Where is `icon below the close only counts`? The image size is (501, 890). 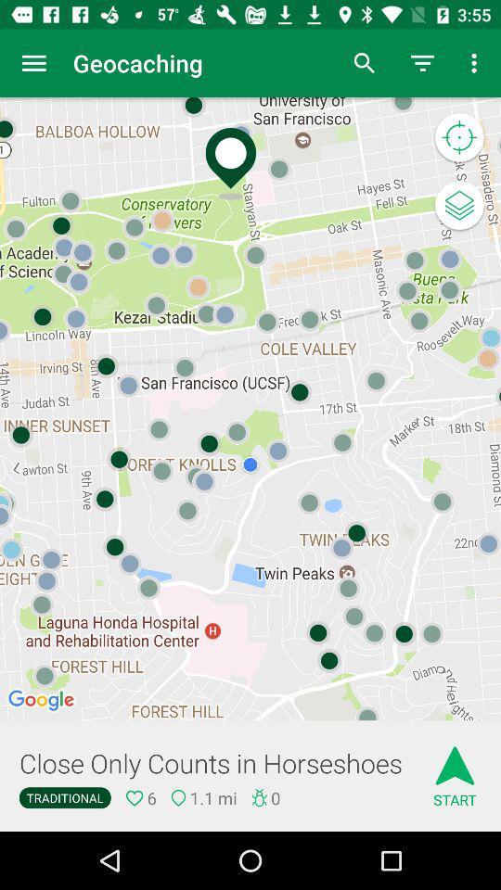
icon below the close only counts is located at coordinates (64, 796).